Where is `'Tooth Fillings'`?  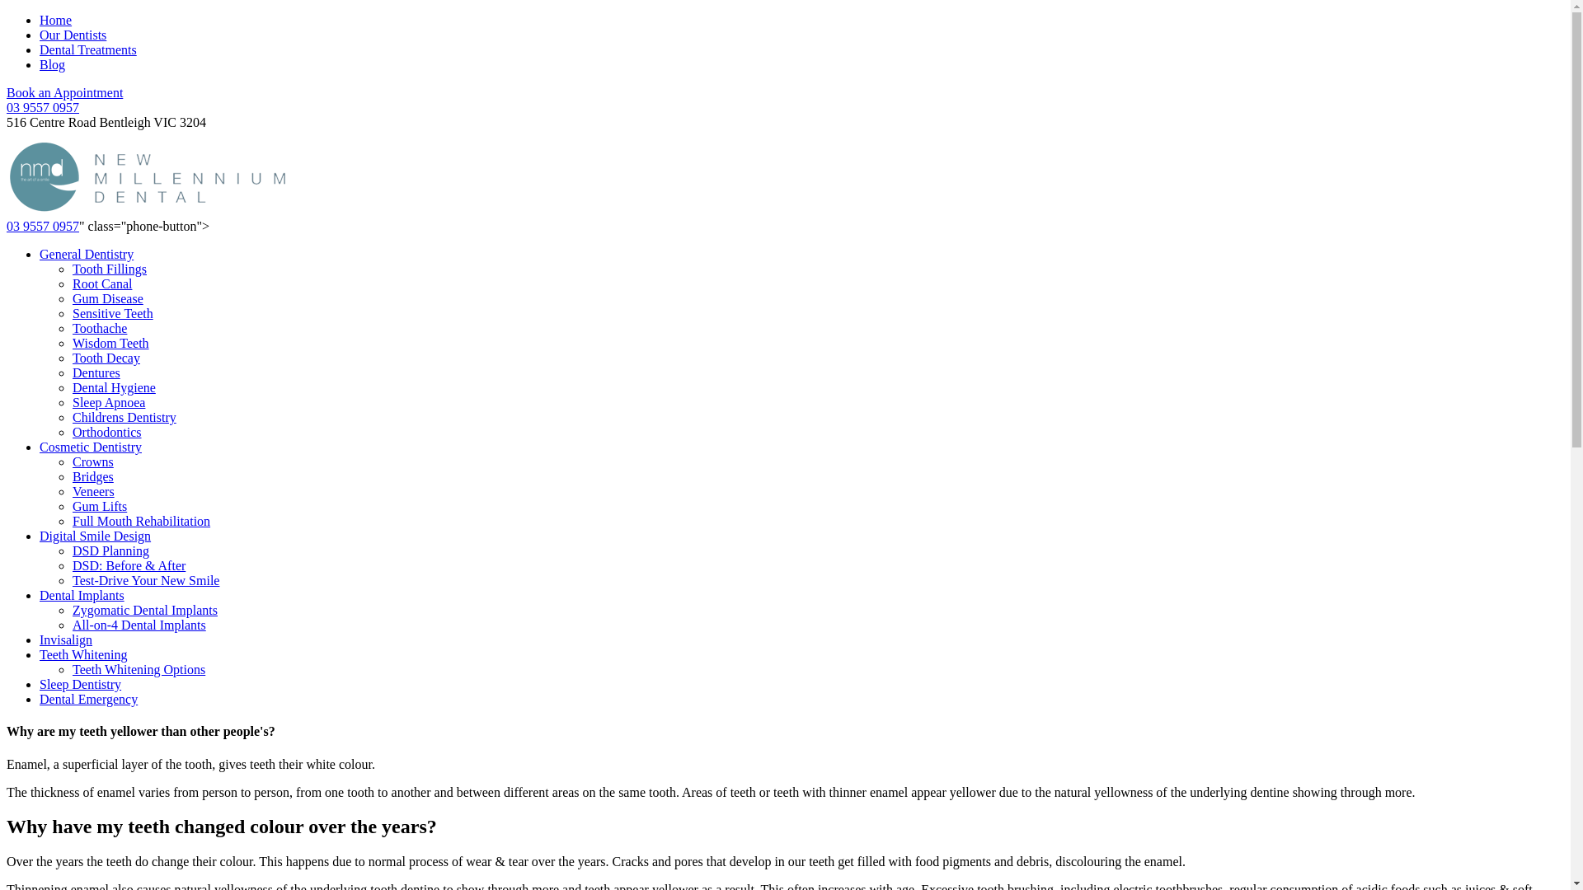 'Tooth Fillings' is located at coordinates (109, 268).